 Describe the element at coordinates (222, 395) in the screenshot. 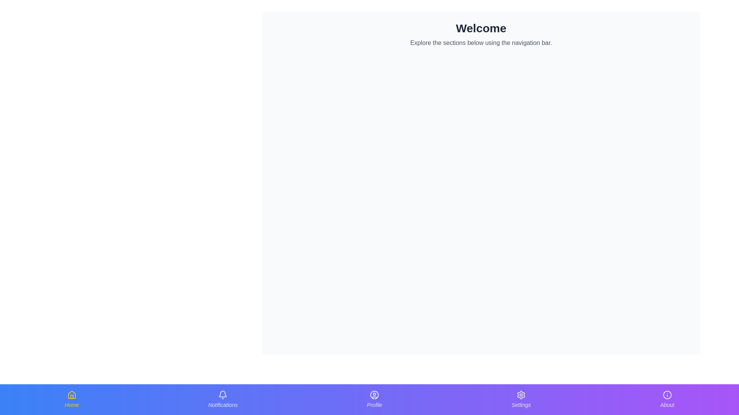

I see `the bell icon in the bottom navigation bar that represents the Notifications feature, which is located above the text label 'Notifications'` at that location.